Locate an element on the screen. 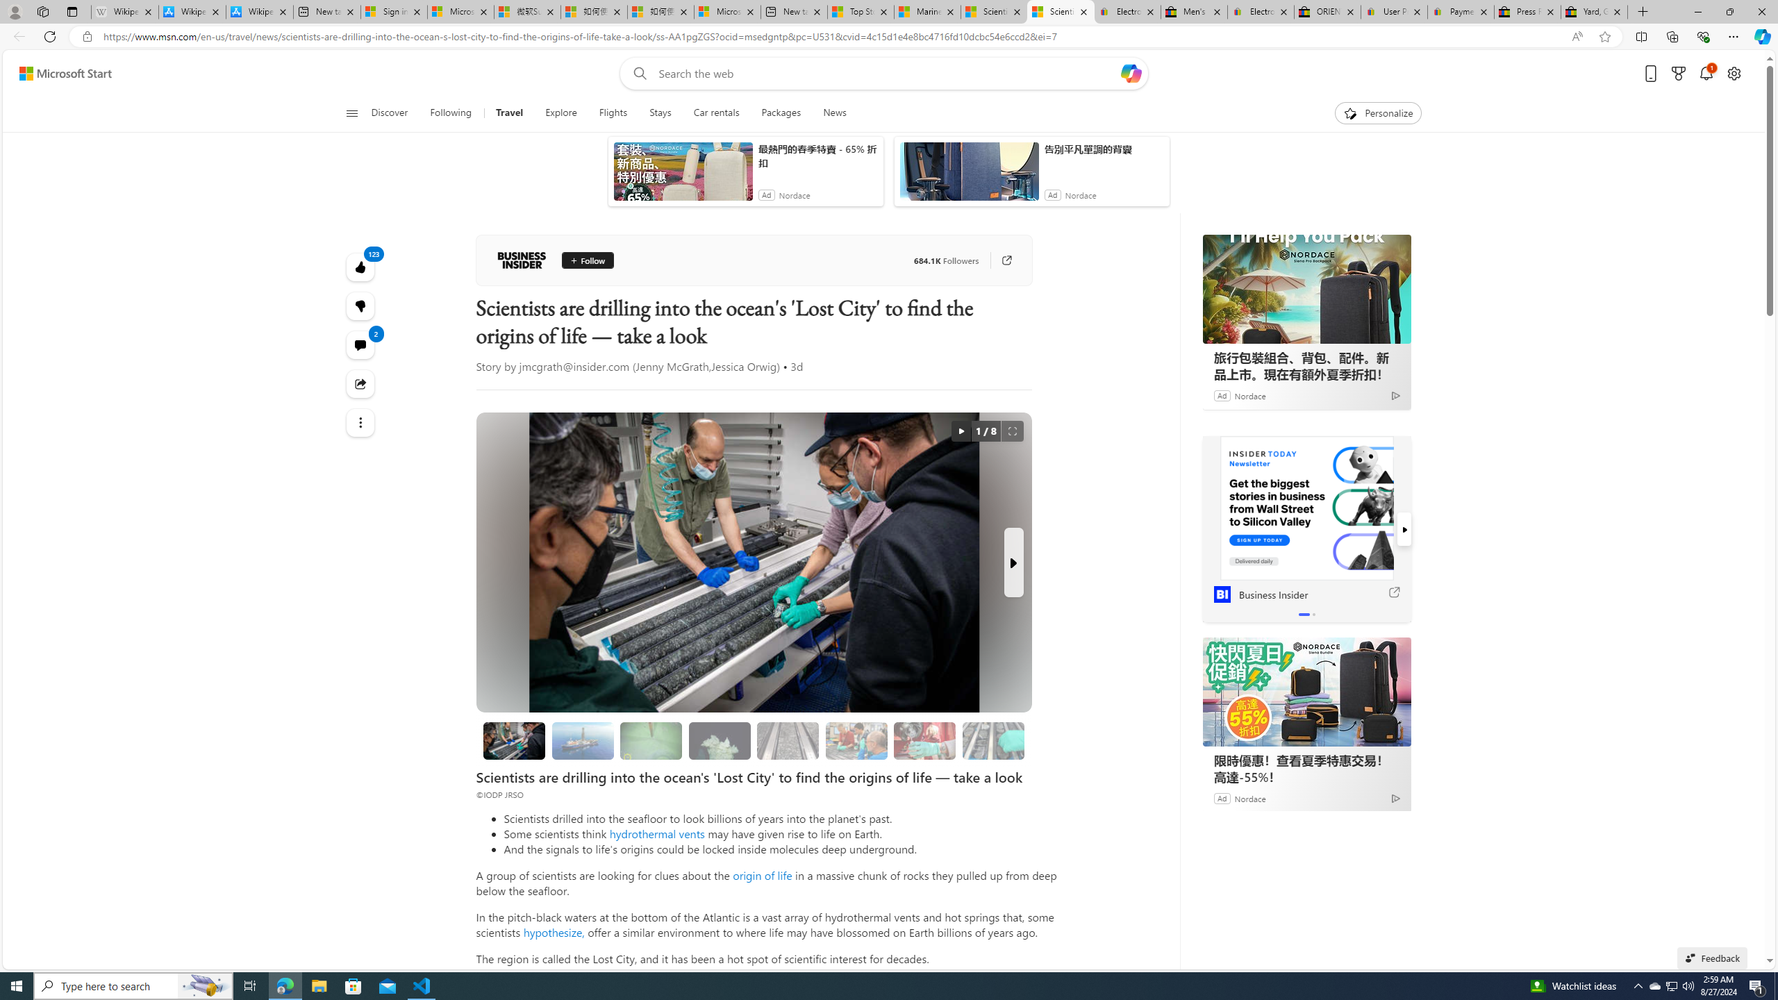  'Next Slide' is located at coordinates (1013, 562).